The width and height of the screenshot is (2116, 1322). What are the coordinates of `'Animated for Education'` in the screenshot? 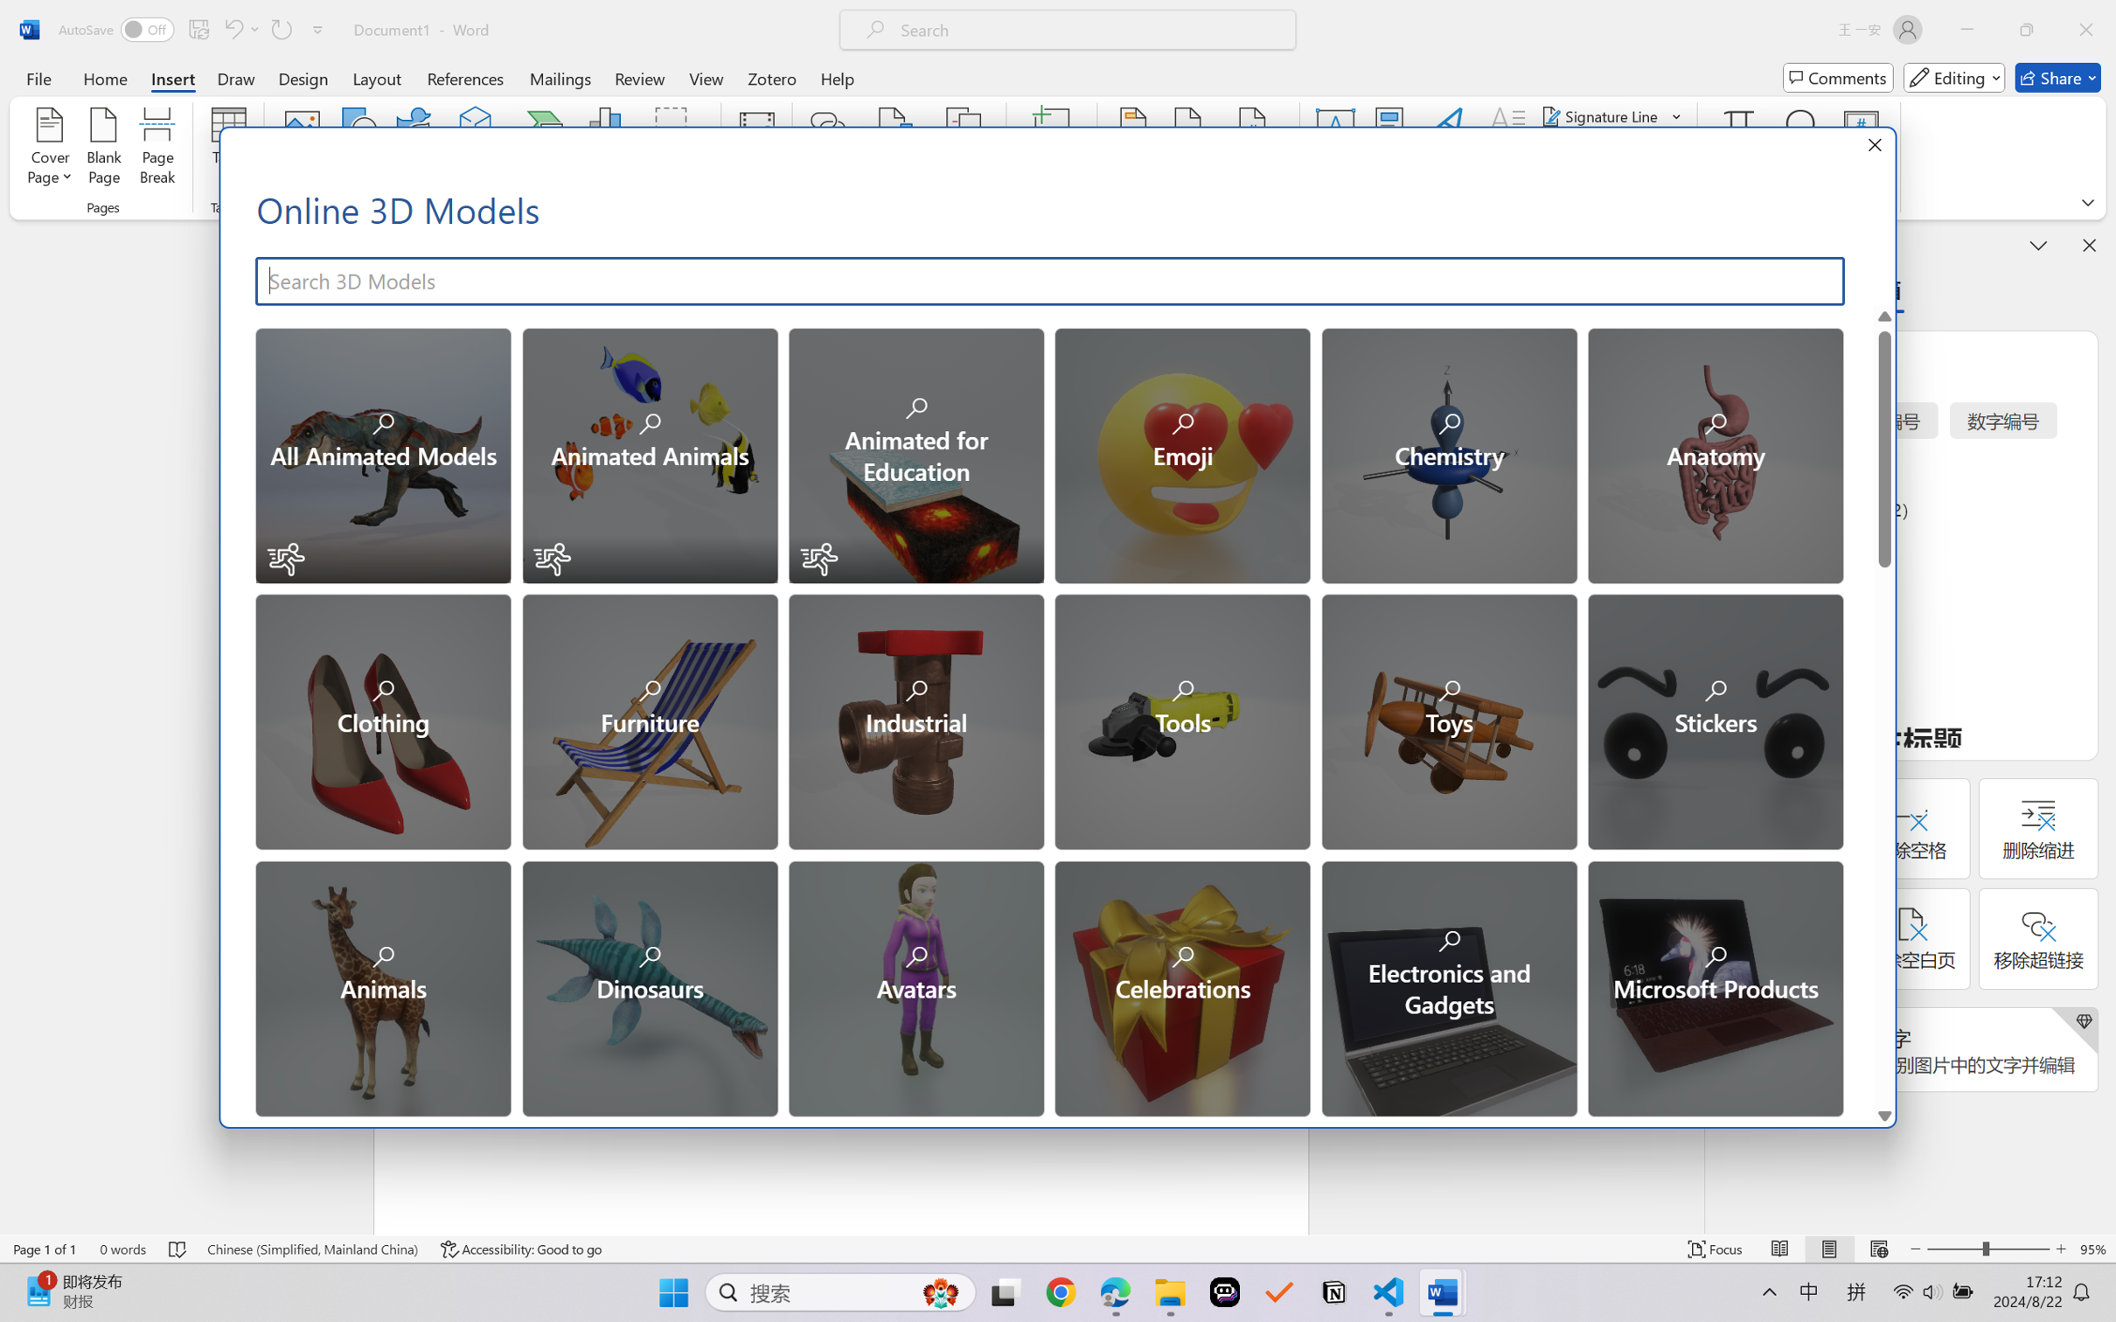 It's located at (915, 453).